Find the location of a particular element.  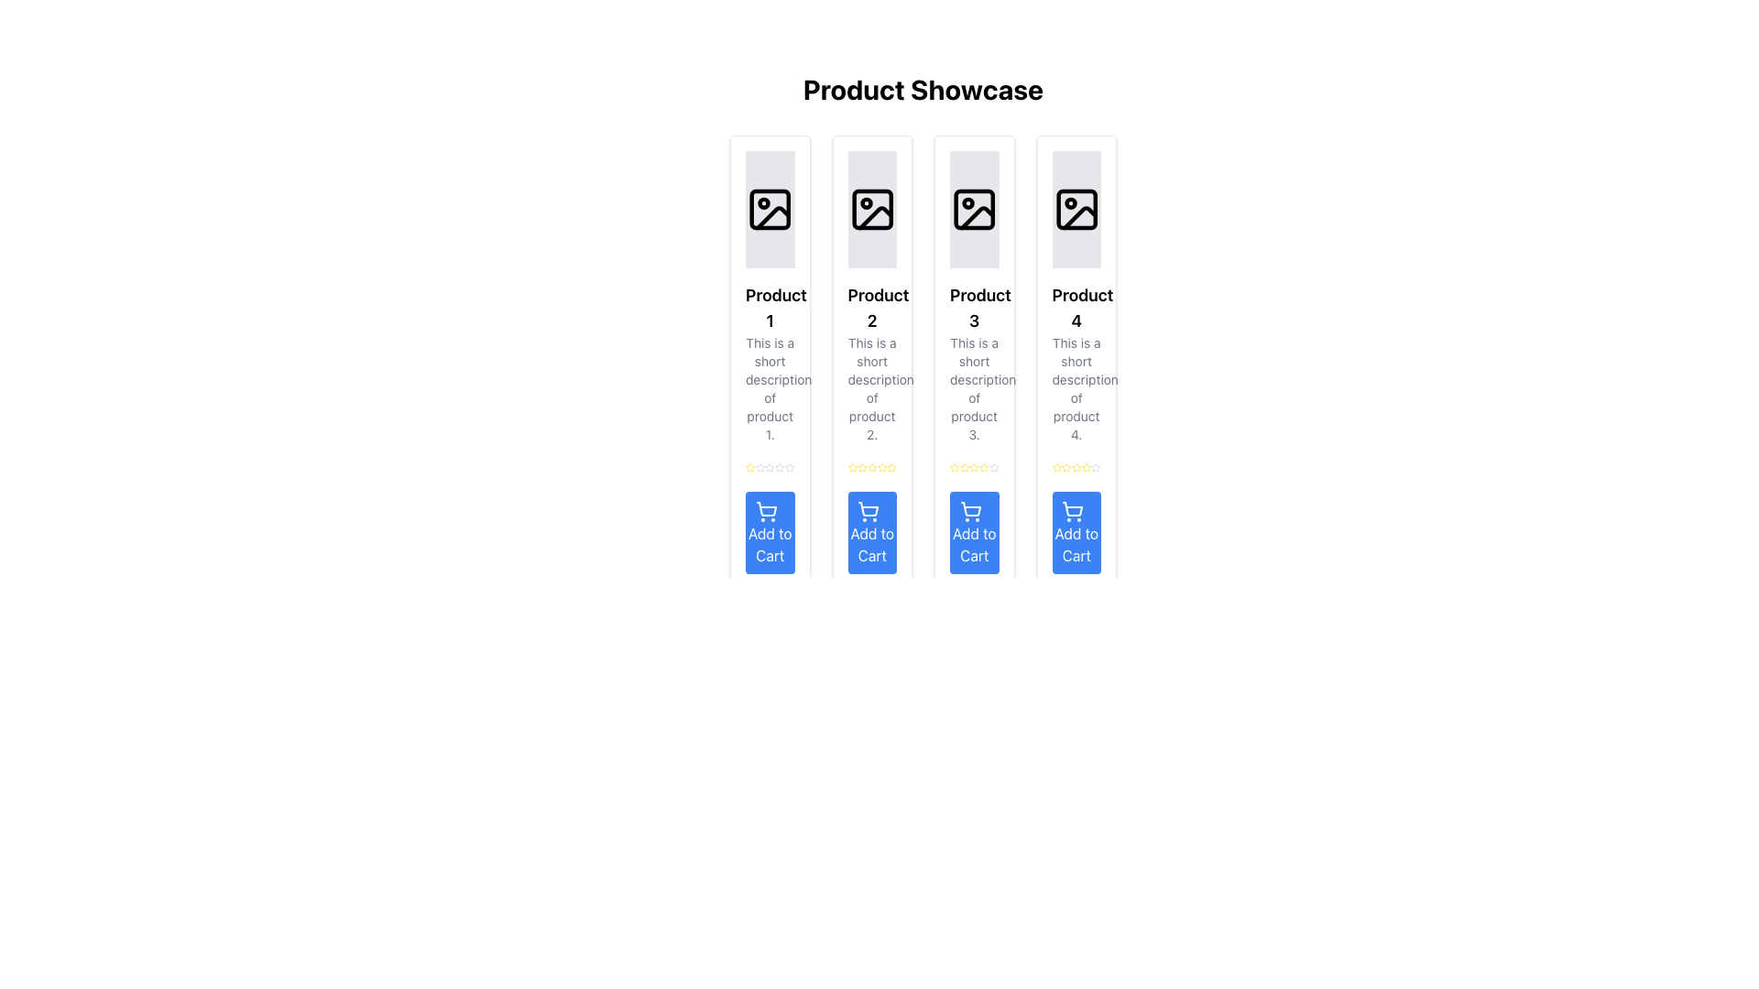

text element that describes 'This is a short description of product 2.' located below the 'Product 2' title in the second product card from the left is located at coordinates (871, 387).